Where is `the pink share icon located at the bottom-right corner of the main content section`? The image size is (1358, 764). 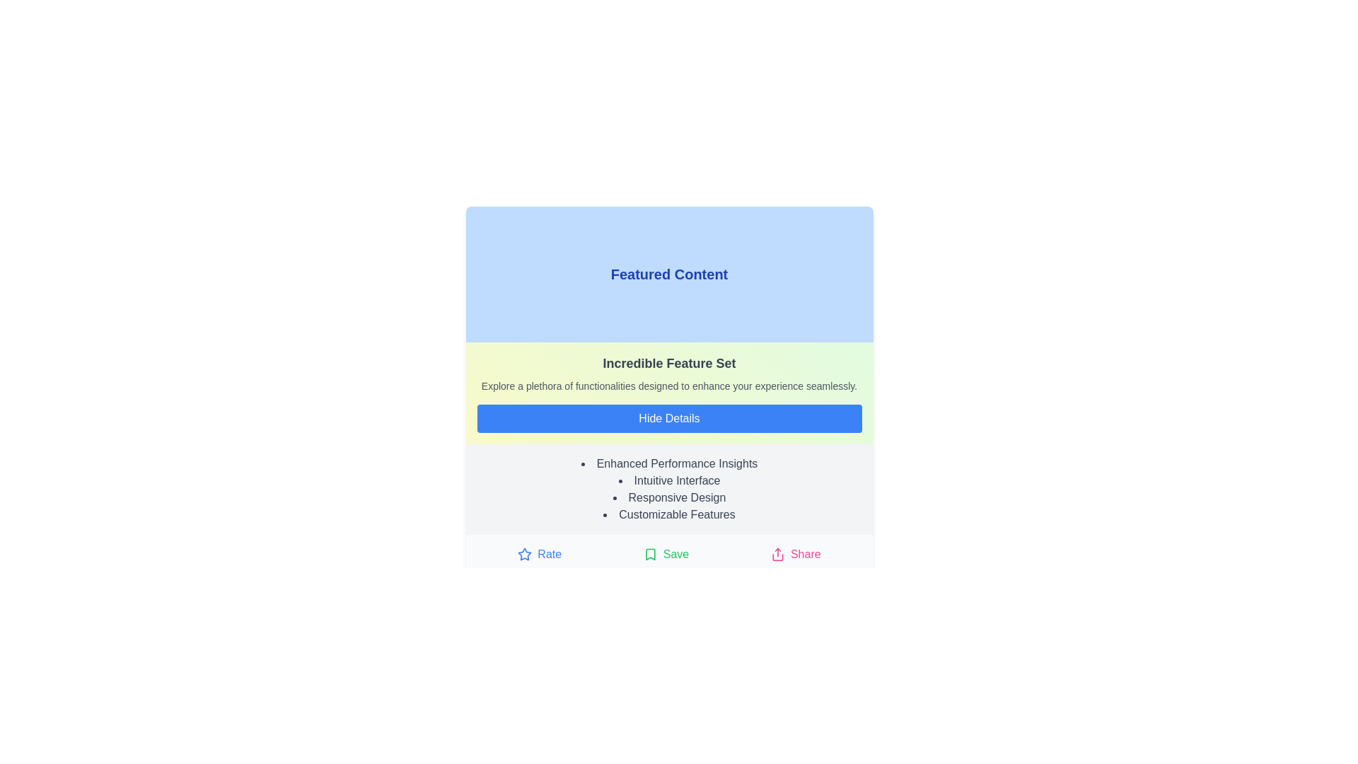 the pink share icon located at the bottom-right corner of the main content section is located at coordinates (777, 553).